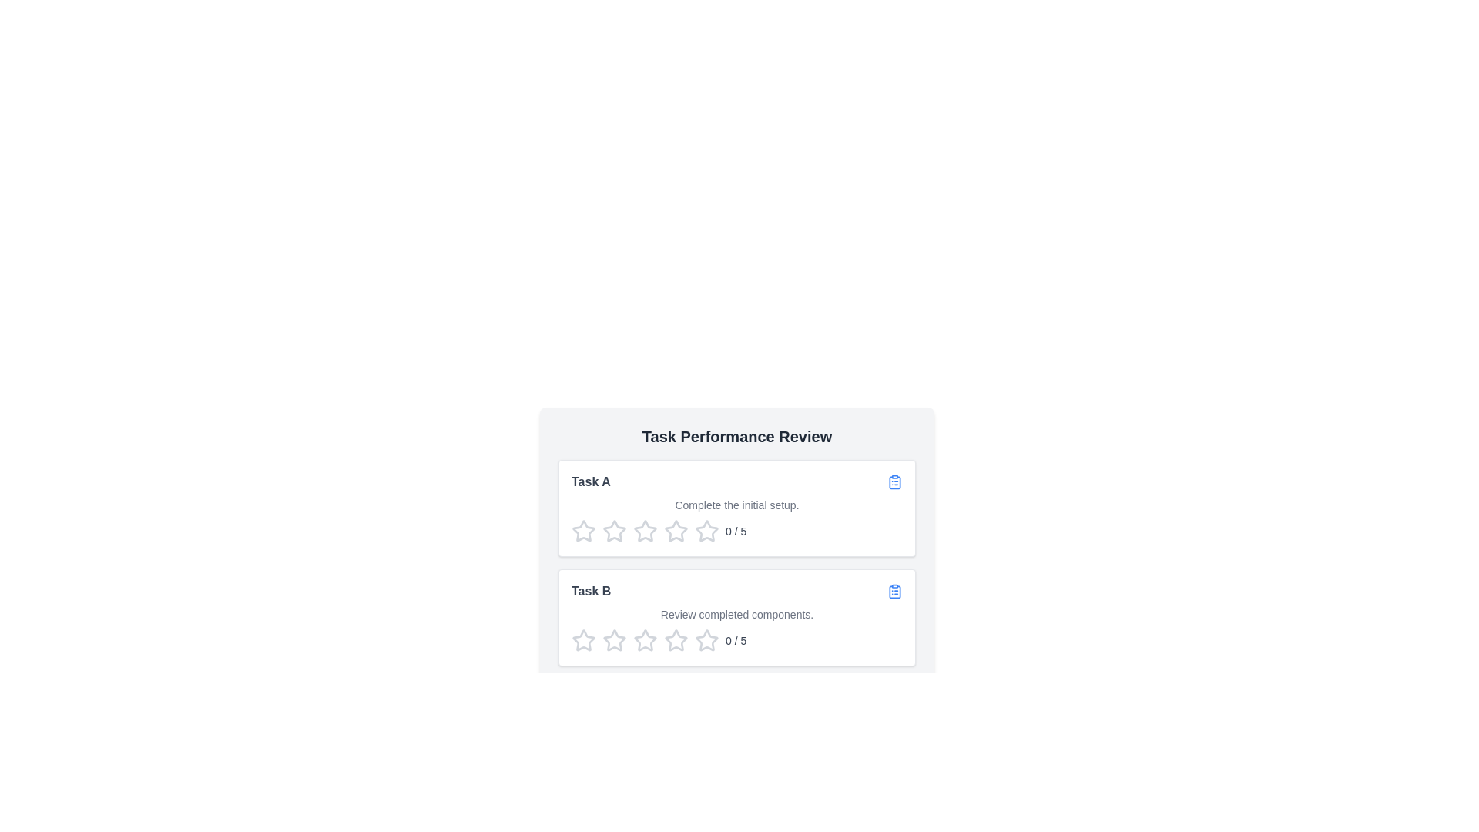  What do you see at coordinates (583, 641) in the screenshot?
I see `the first star icon in the rating component for 'Task B' located under the 'Task Performance Review' section` at bounding box center [583, 641].